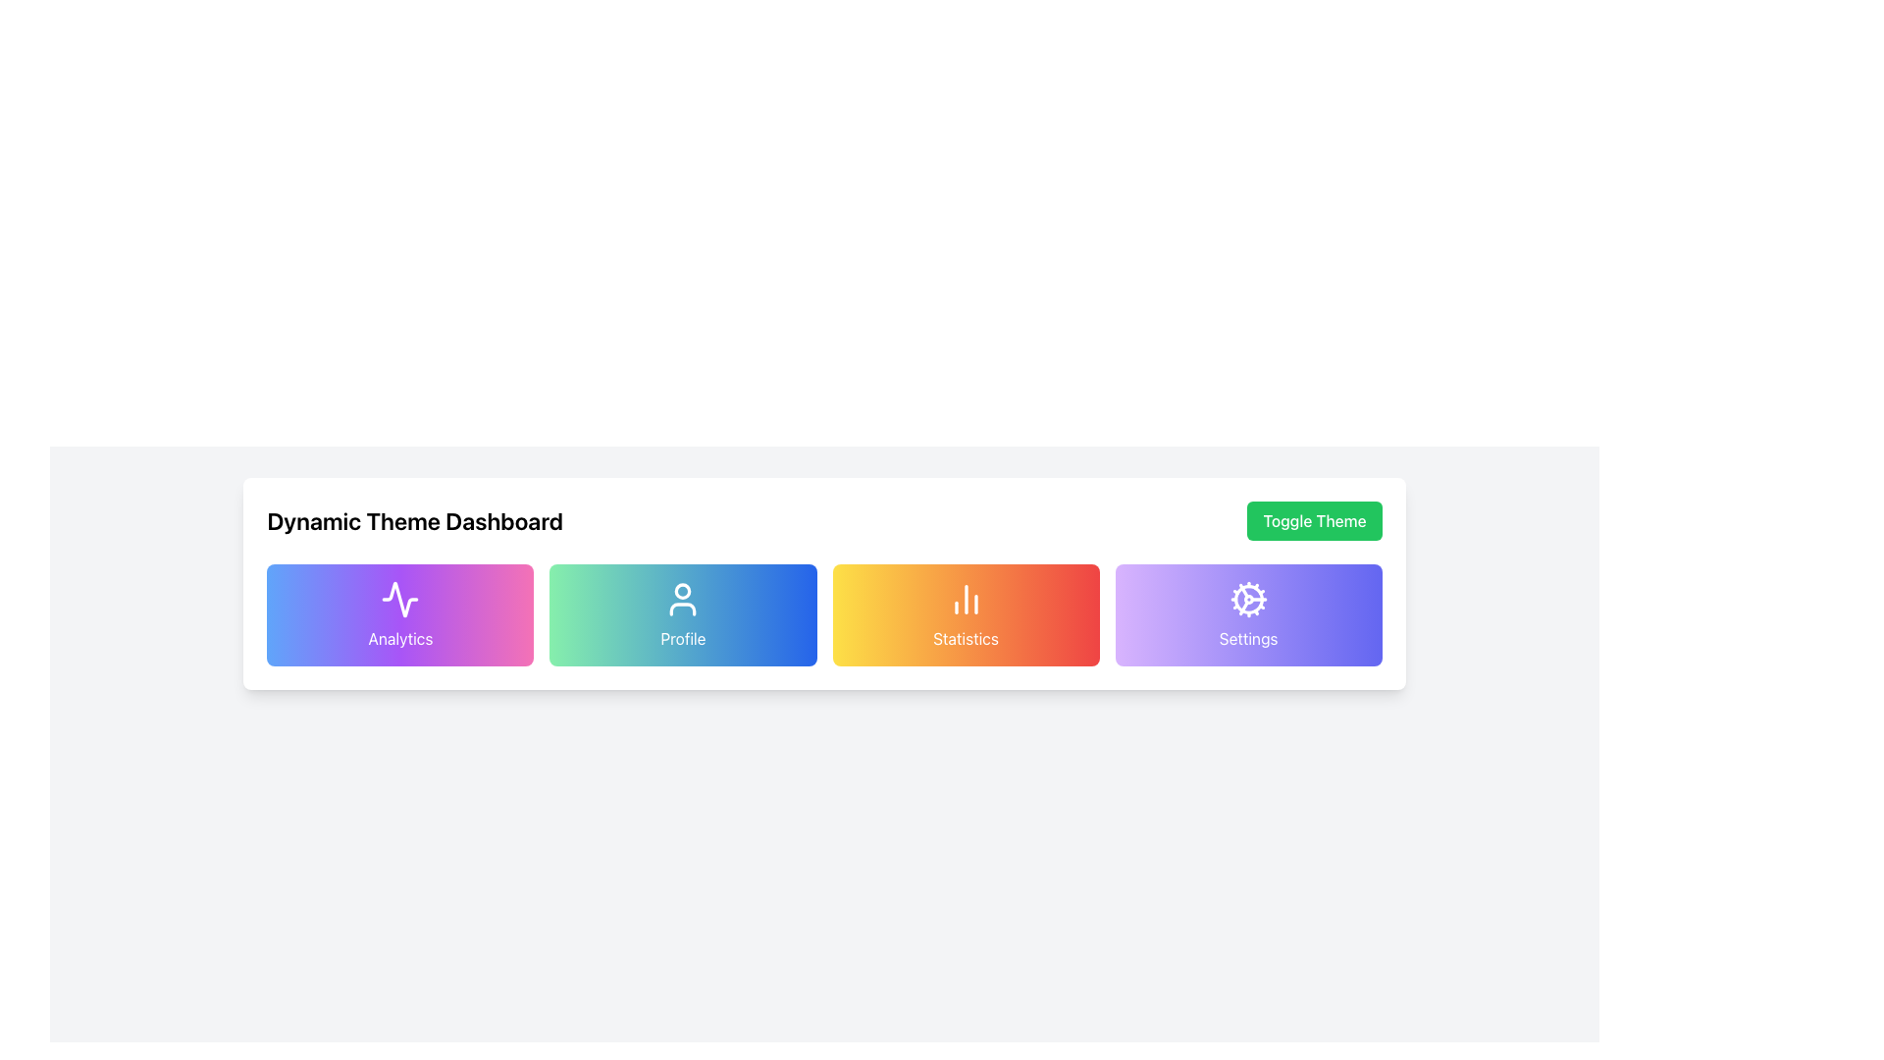 Image resolution: width=1884 pixels, height=1060 pixels. Describe the element at coordinates (966, 598) in the screenshot. I see `the decorative icon representing the 'Statistics' section, which is located at the center of the button labeled 'Statistics'` at that location.